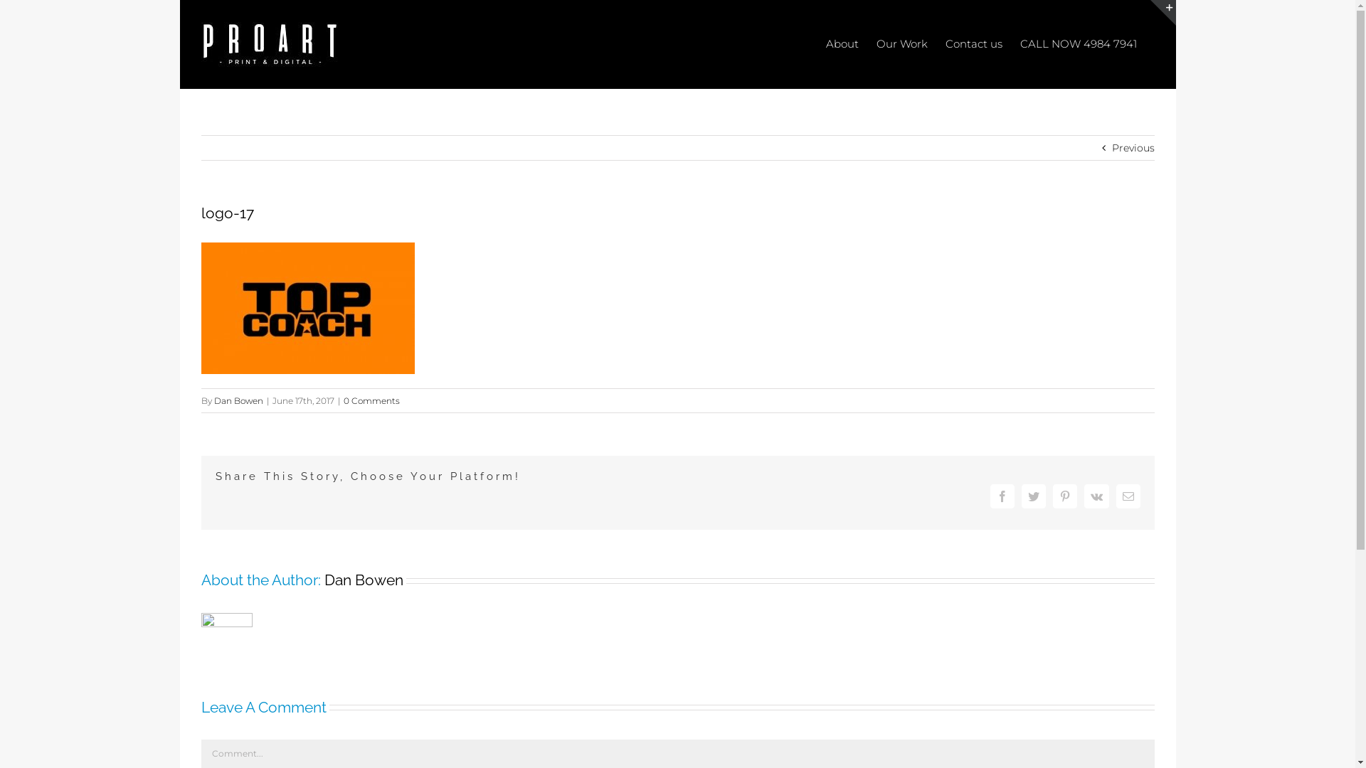 The width and height of the screenshot is (1366, 768). Describe the element at coordinates (841, 42) in the screenshot. I see `'About'` at that location.